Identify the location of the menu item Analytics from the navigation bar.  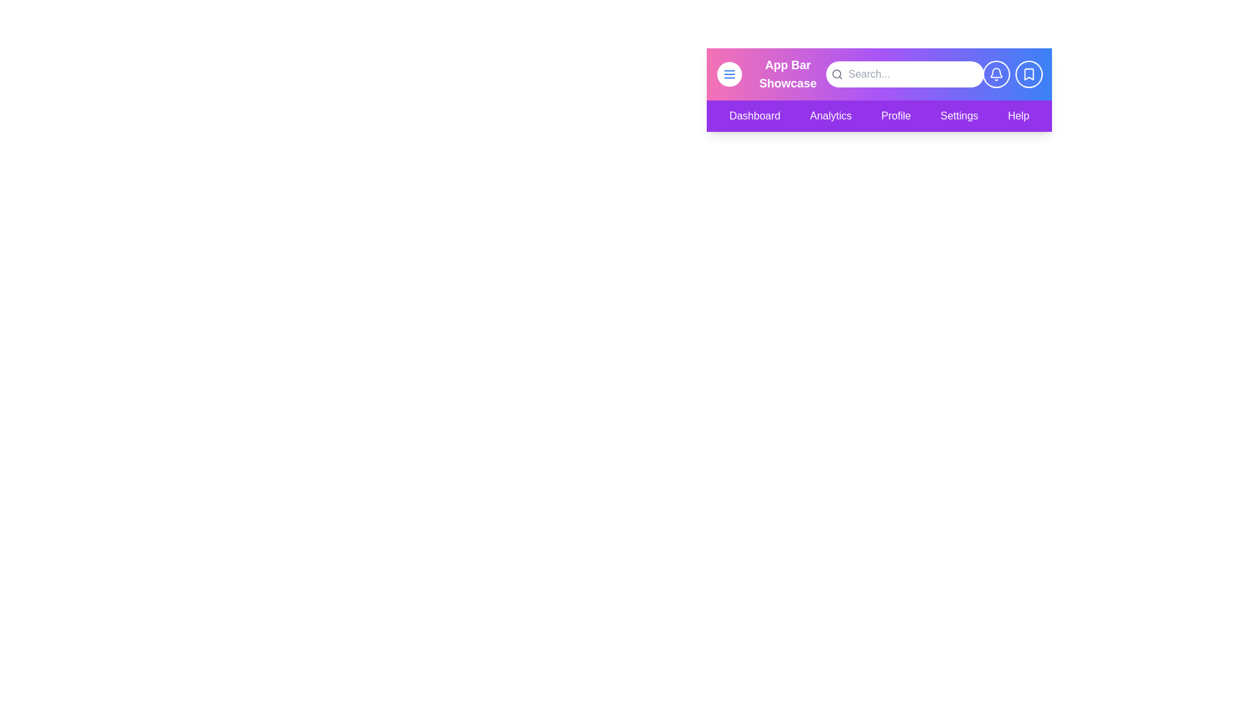
(830, 115).